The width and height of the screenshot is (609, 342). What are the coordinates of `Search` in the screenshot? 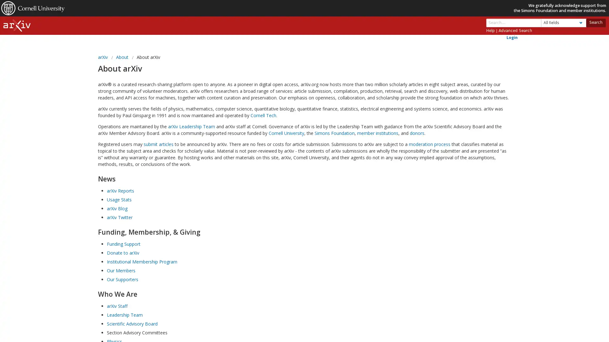 It's located at (595, 22).